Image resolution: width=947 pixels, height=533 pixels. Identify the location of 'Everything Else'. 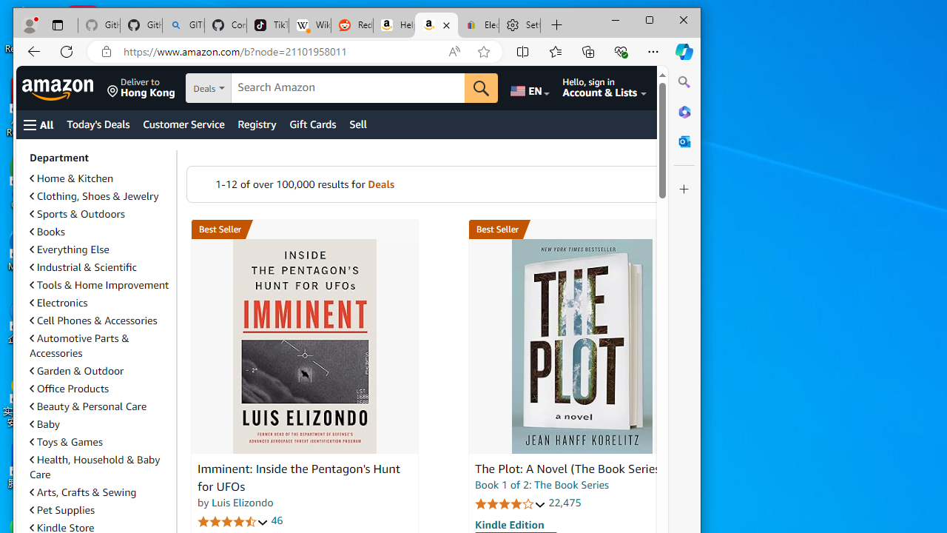
(69, 249).